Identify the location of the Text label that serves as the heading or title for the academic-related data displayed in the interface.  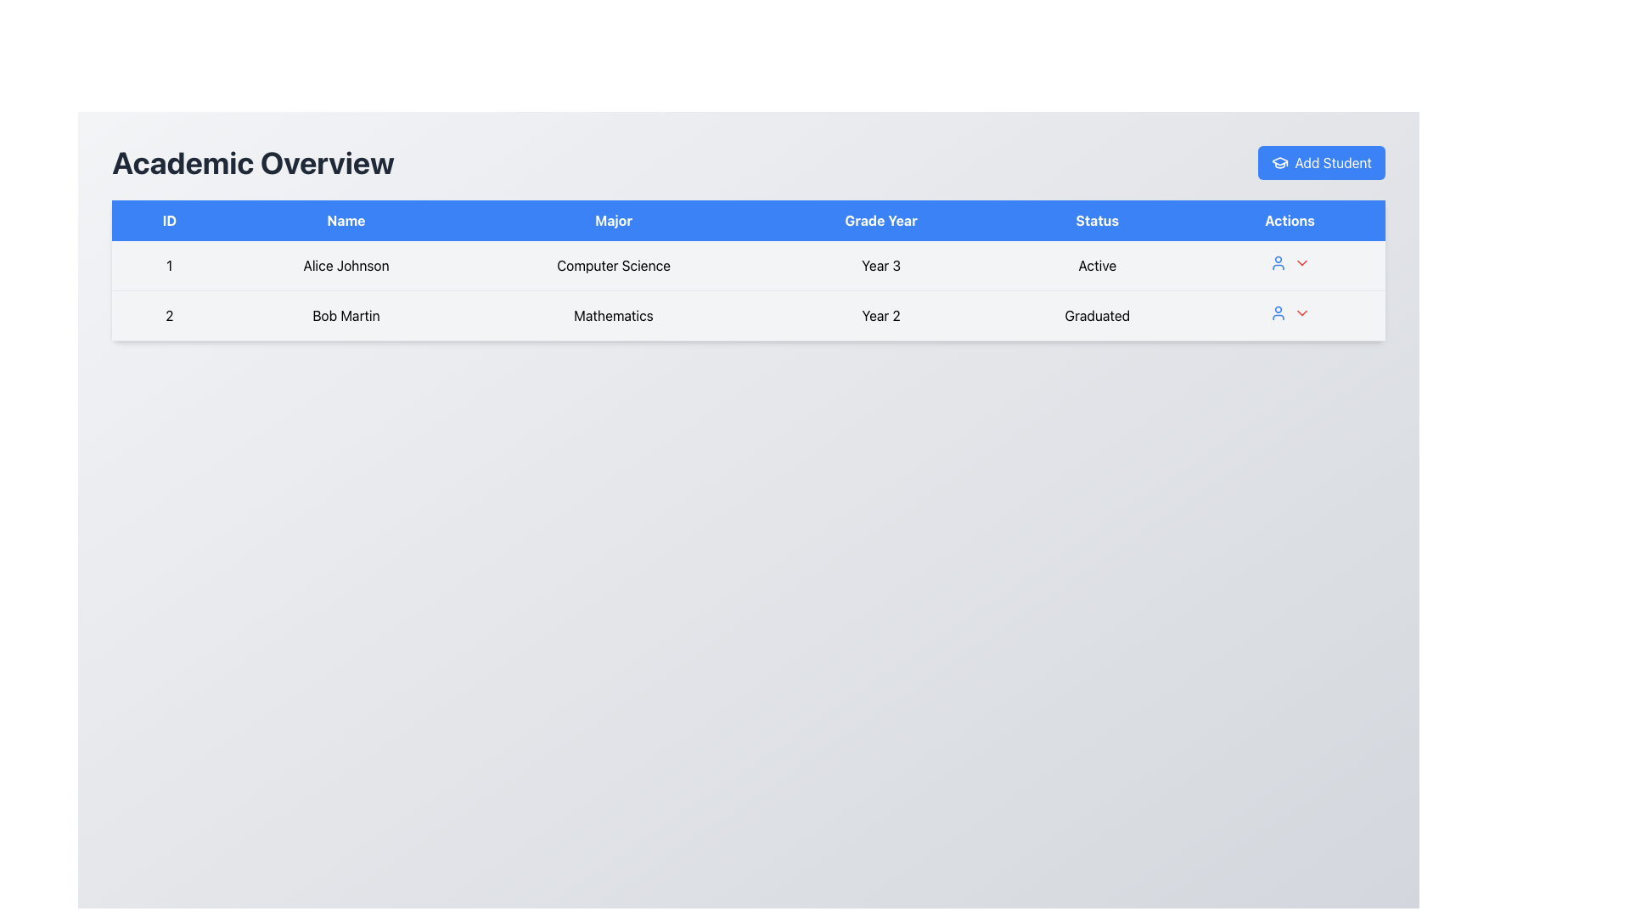
(252, 163).